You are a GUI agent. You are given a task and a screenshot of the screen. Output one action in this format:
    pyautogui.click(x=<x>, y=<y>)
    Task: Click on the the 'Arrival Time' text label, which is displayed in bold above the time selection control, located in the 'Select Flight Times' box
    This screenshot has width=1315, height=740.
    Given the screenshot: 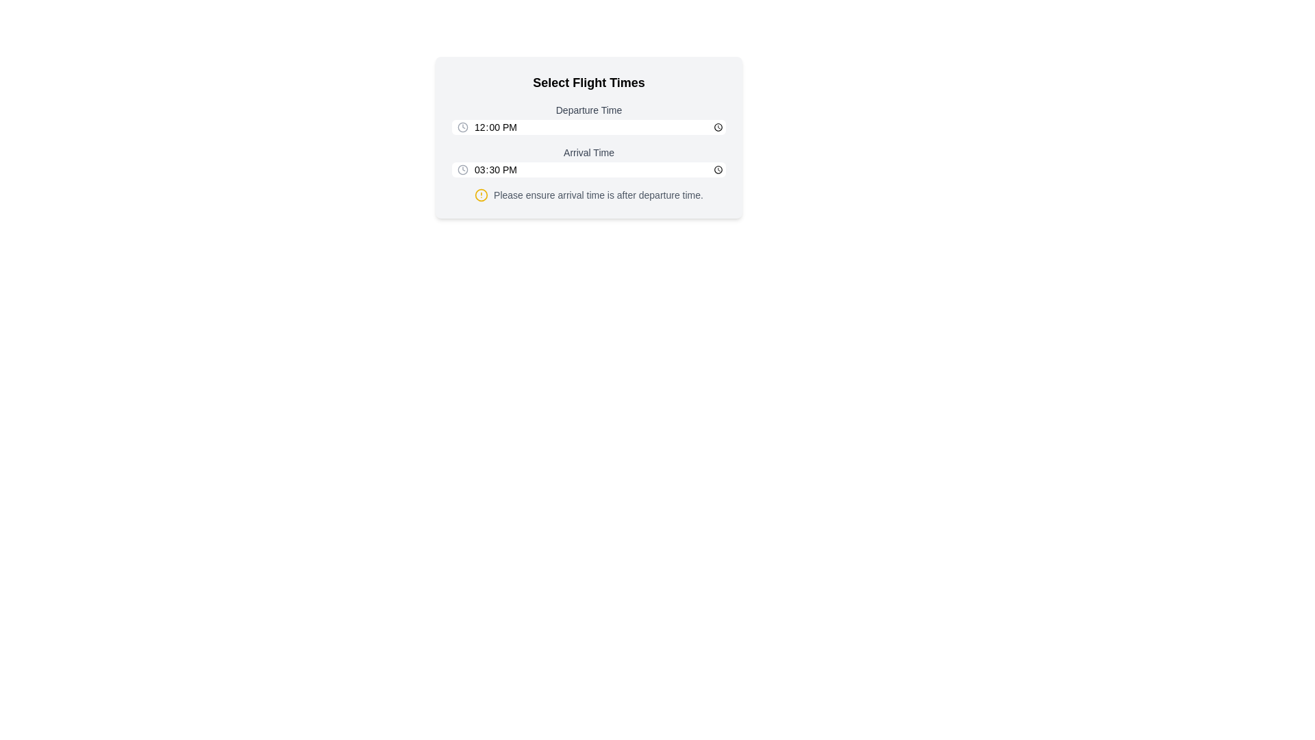 What is the action you would take?
    pyautogui.click(x=588, y=160)
    